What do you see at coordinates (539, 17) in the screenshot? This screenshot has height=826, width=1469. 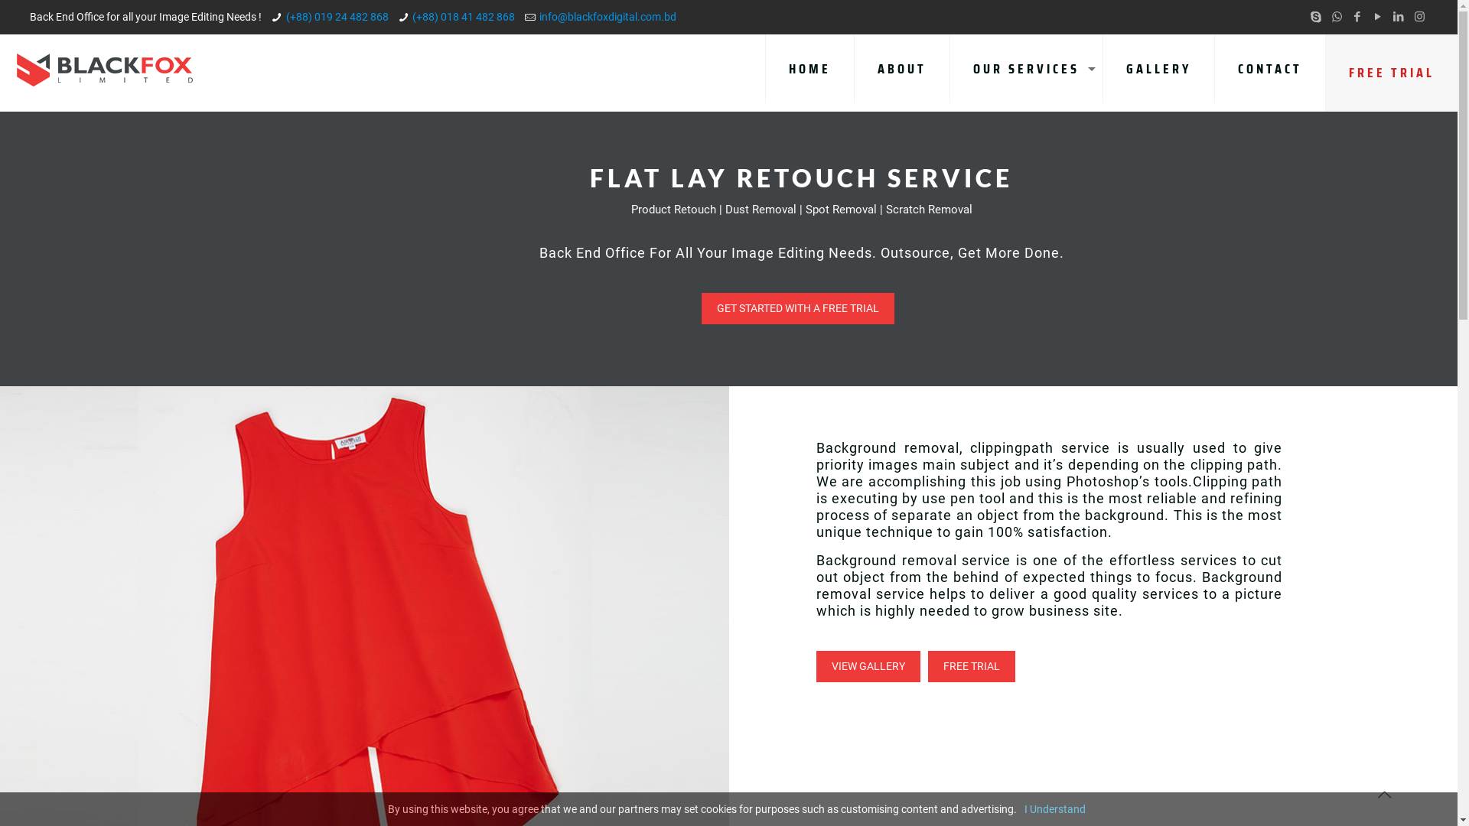 I see `'info@blackfoxdigital.com.bd'` at bounding box center [539, 17].